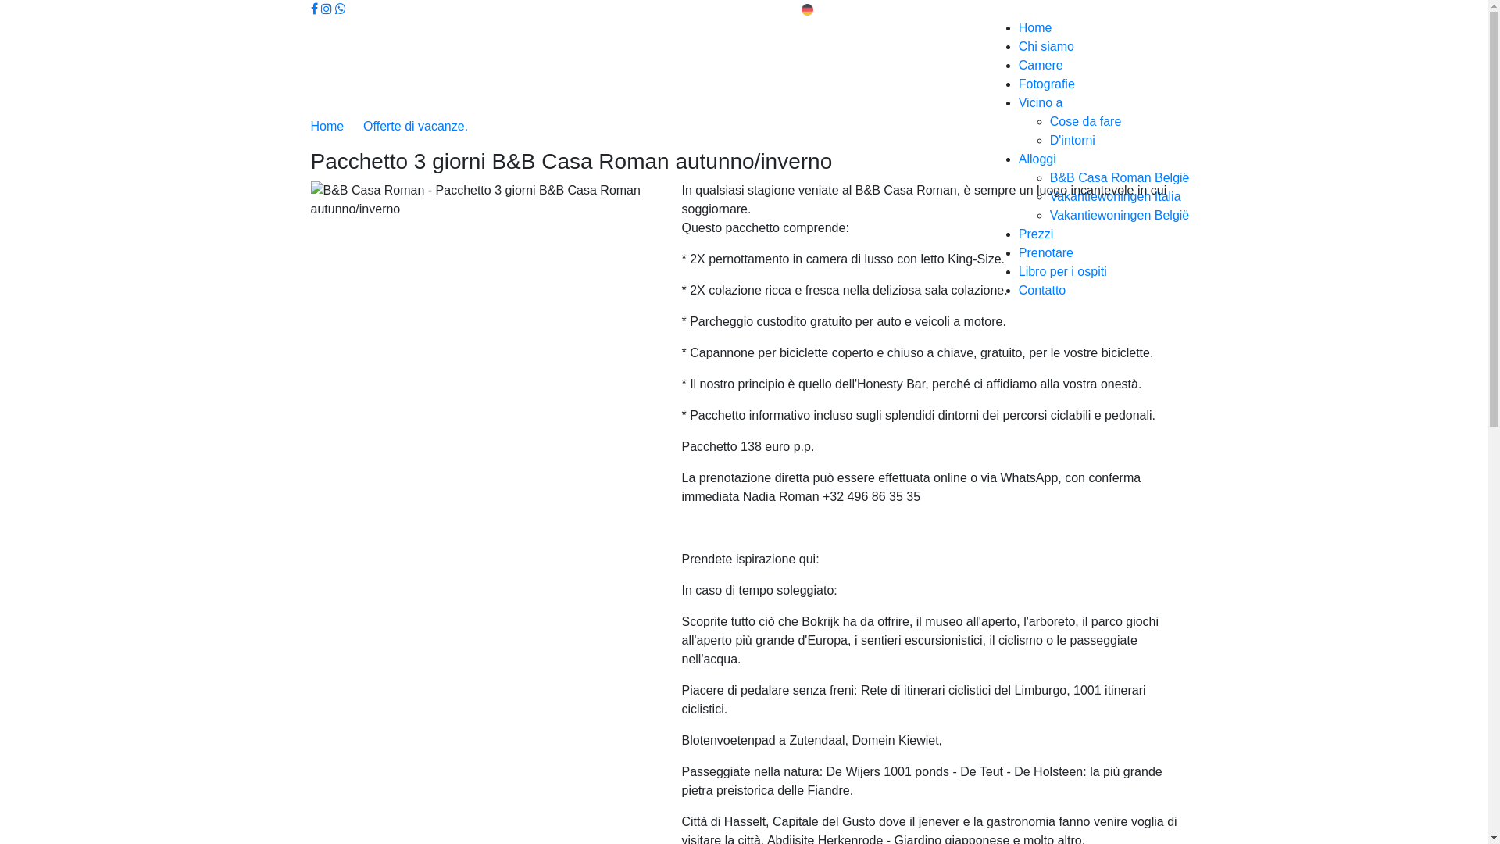 The height and width of the screenshot is (844, 1500). Describe the element at coordinates (1041, 64) in the screenshot. I see `'Camere'` at that location.